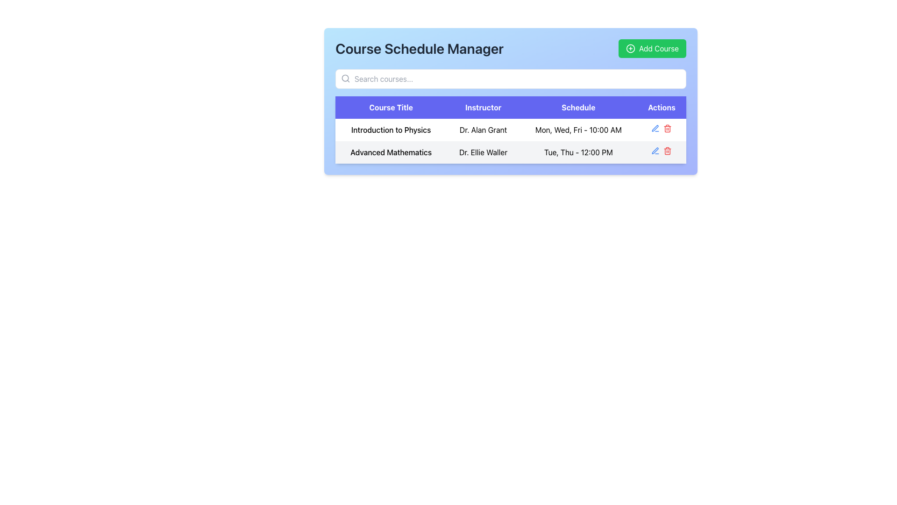  Describe the element at coordinates (483, 130) in the screenshot. I see `instructor's name displayed in the text label element showing 'Dr. Alan Grant', which is located in the second column of the first row of the course information table` at that location.